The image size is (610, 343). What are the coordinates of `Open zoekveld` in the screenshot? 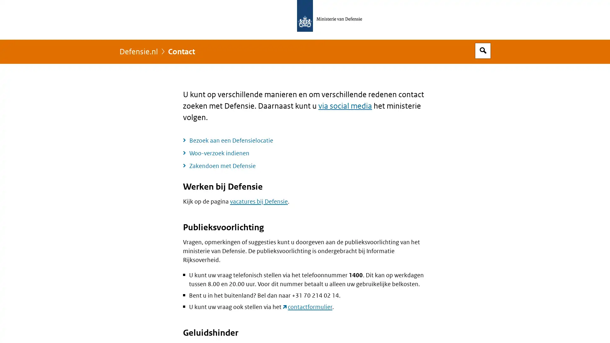 It's located at (483, 50).